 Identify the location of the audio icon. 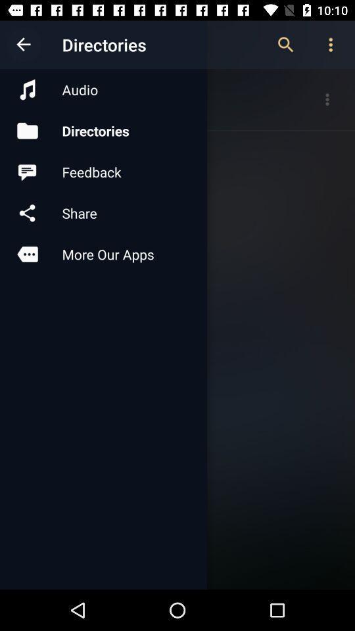
(103, 89).